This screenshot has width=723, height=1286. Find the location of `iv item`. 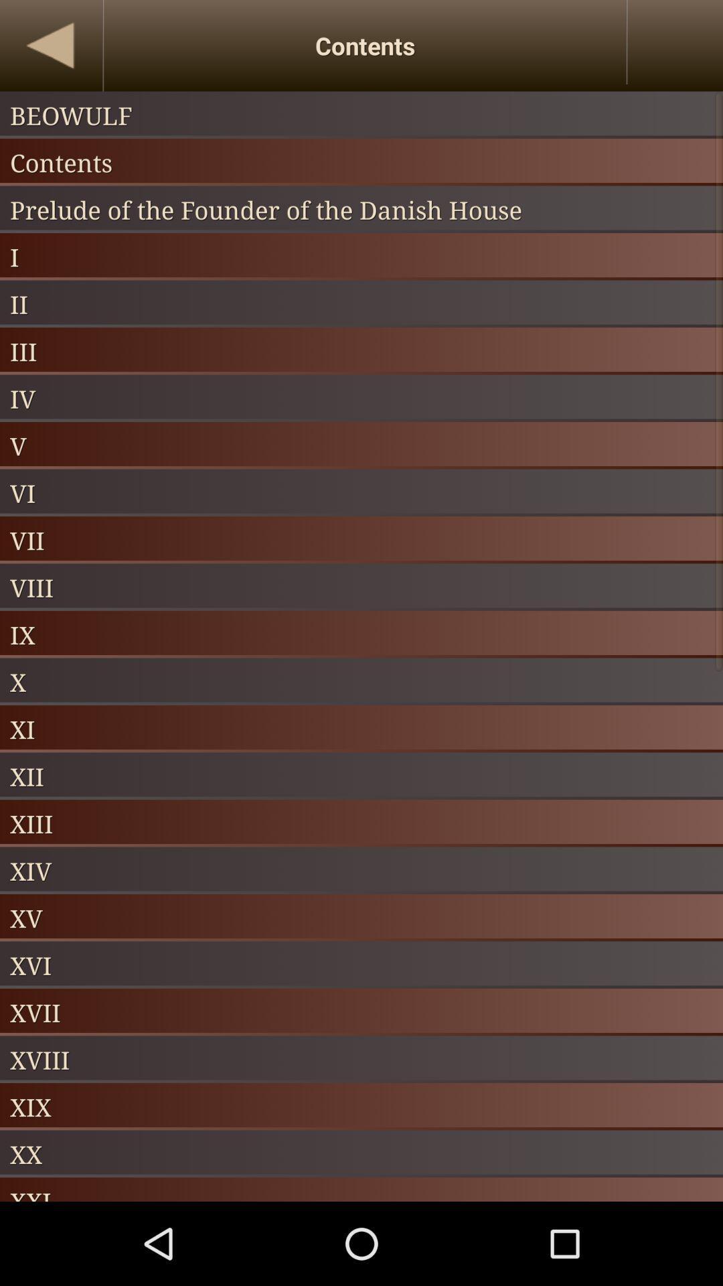

iv item is located at coordinates (361, 398).